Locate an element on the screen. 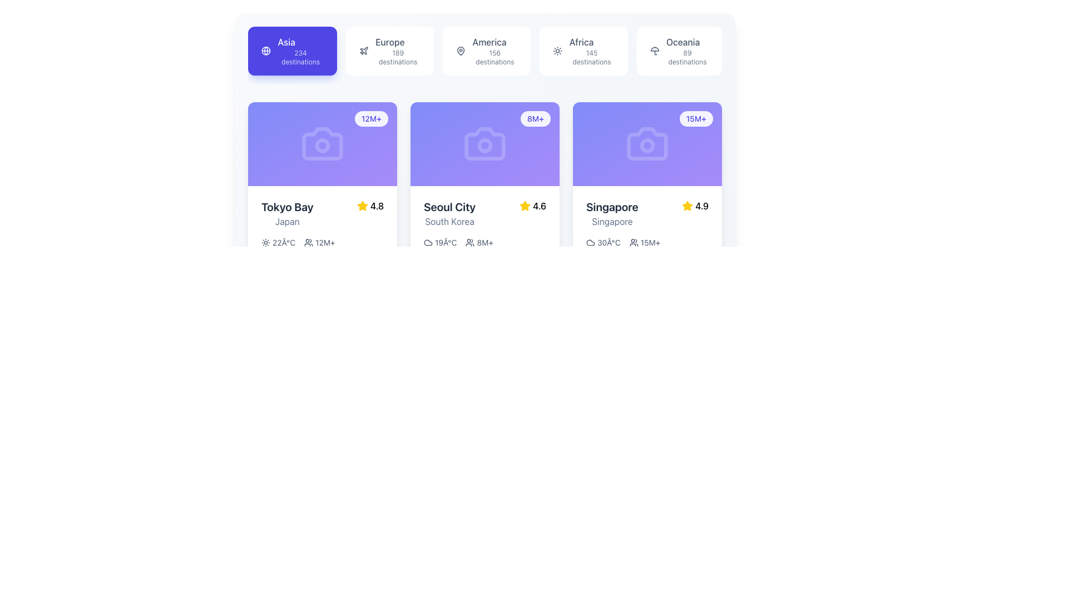 Image resolution: width=1068 pixels, height=600 pixels. the 'Seoul City' destination card, which is the second panel in the horizontally scrolling list of destination cards is located at coordinates (485, 250).